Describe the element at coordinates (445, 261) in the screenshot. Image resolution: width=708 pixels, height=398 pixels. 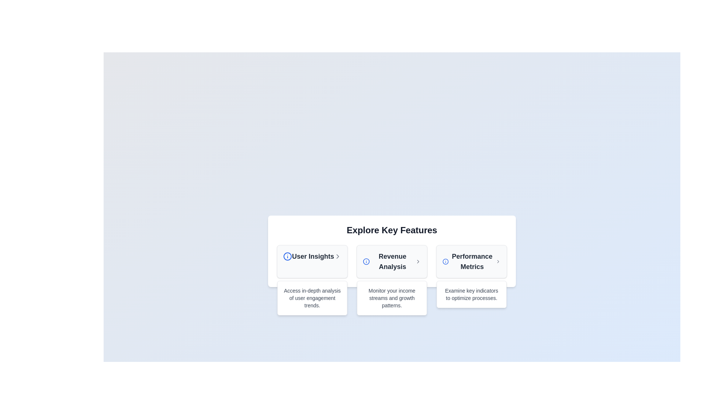
I see `the circular icon representing additional information within the 'Performance Metrics' feature card to trigger the tooltip` at that location.